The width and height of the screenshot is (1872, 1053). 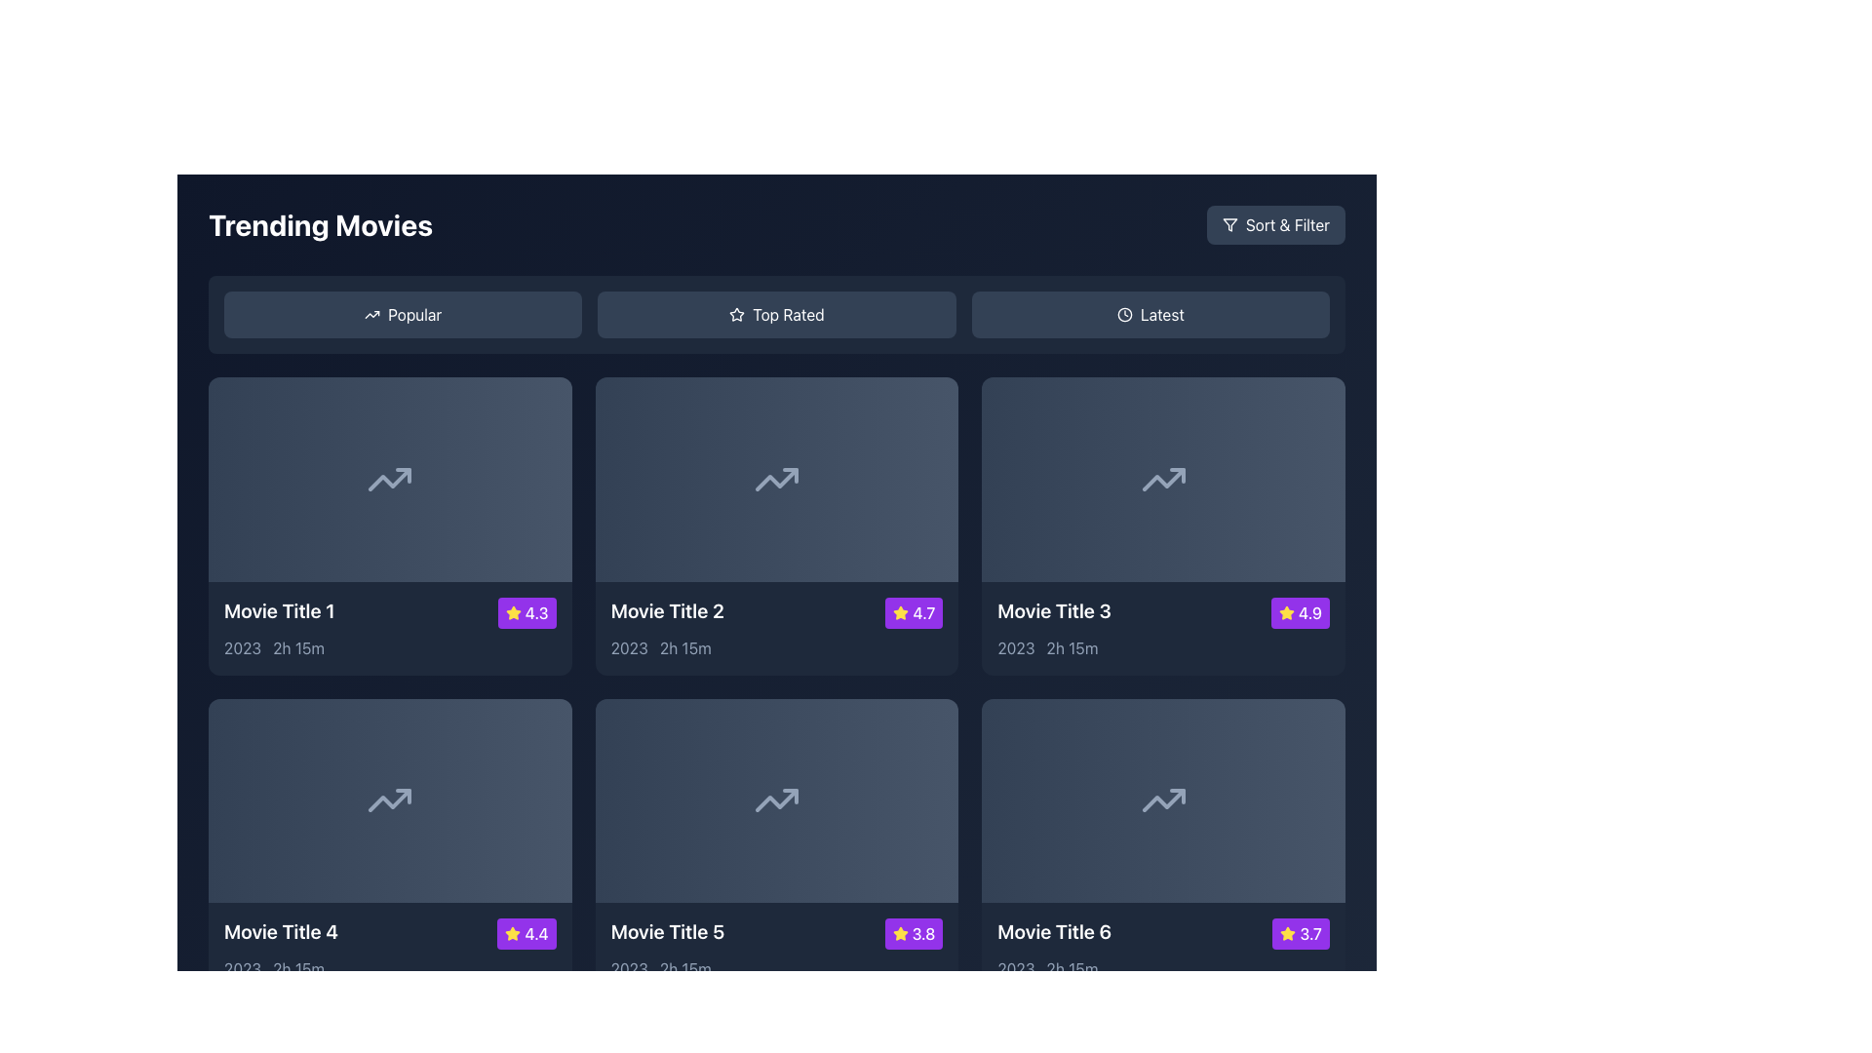 I want to click on the Movie information card displaying details like title, release year, runtime, and user rating, which is the second card in the first row of the 'Trending Movies' section, so click(x=775, y=525).